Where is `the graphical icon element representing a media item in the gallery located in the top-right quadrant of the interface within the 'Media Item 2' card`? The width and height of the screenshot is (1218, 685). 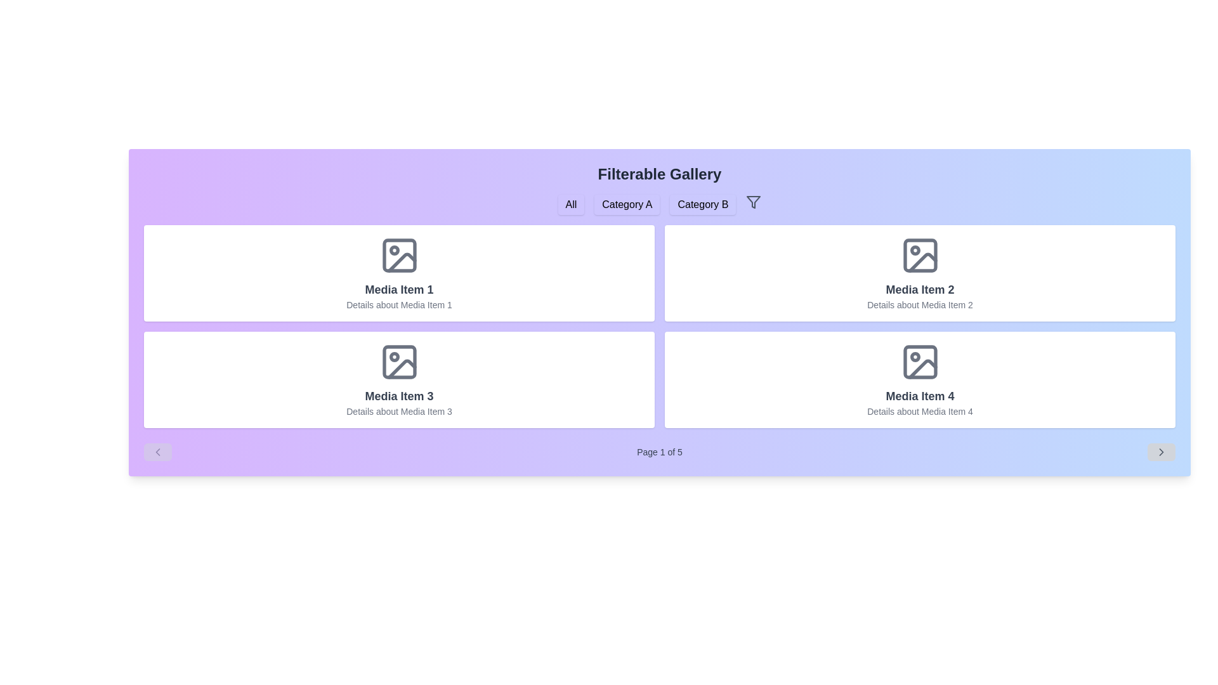 the graphical icon element representing a media item in the gallery located in the top-right quadrant of the interface within the 'Media Item 2' card is located at coordinates (920, 255).